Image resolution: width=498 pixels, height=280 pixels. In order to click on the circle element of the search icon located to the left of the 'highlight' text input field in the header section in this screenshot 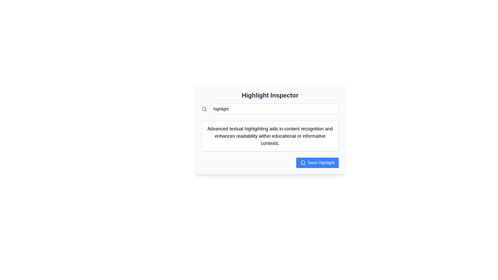, I will do `click(204, 109)`.